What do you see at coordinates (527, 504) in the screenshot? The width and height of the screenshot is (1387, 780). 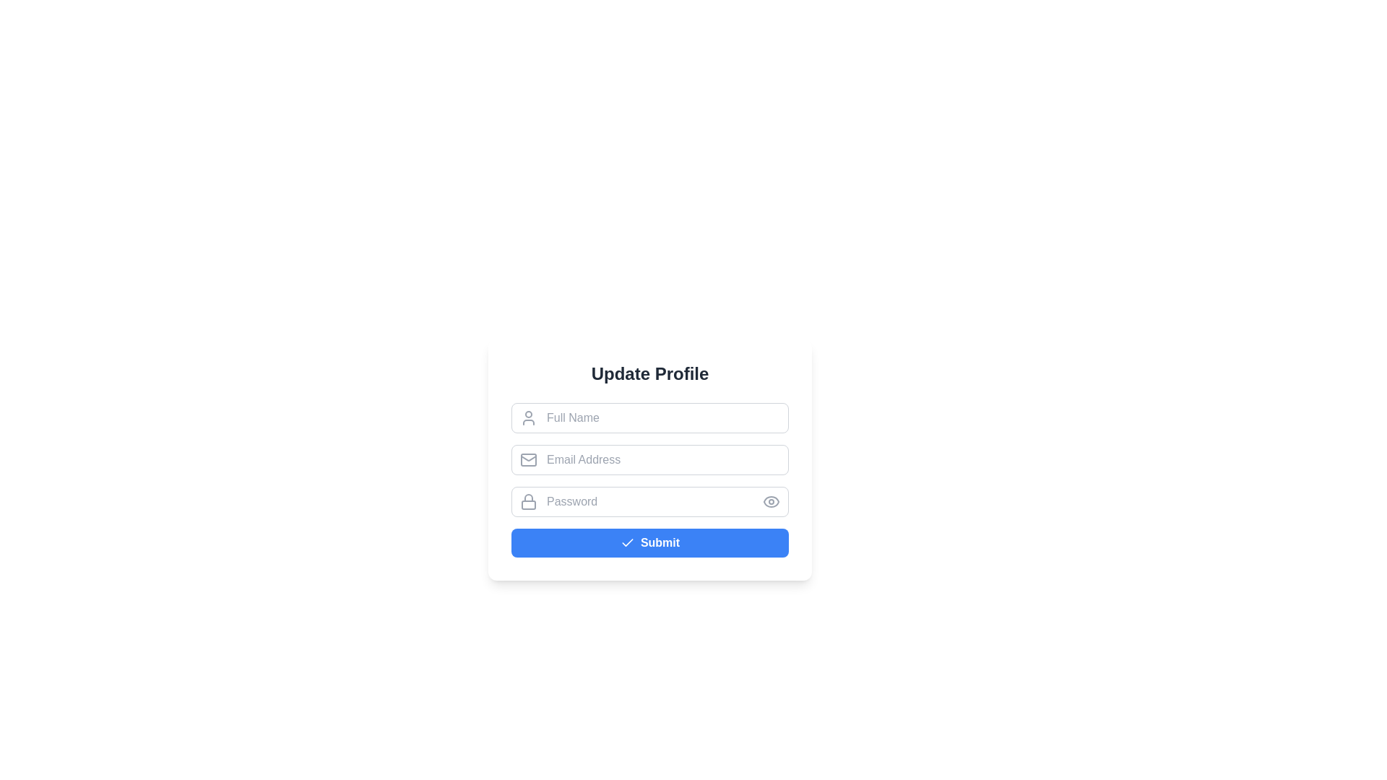 I see `the decorative graphic element that represents the bottom part of the lock icon, which symbolizes the password field in the form, located to the left of the password input field` at bounding box center [527, 504].